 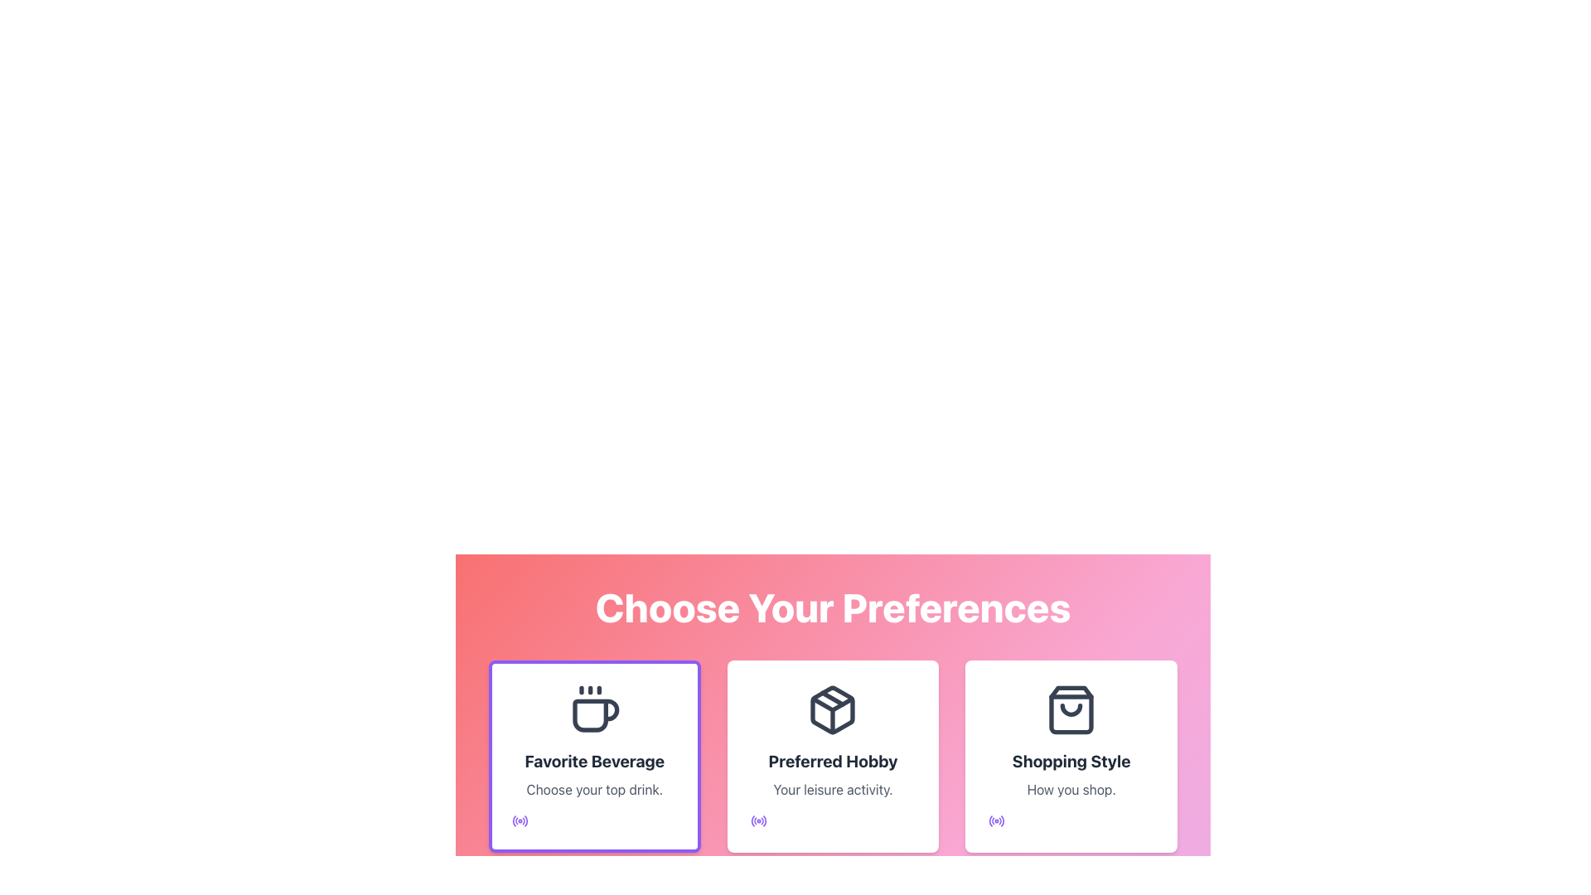 I want to click on SVG properties of the diagonal line within the cube icon on the 'Preferred Hobby' card by clicking on its center point, so click(x=833, y=699).